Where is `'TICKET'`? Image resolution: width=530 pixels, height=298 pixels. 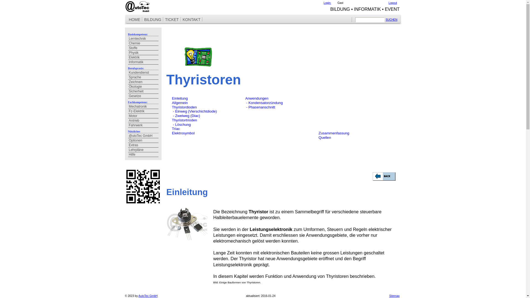
'TICKET' is located at coordinates (171, 19).